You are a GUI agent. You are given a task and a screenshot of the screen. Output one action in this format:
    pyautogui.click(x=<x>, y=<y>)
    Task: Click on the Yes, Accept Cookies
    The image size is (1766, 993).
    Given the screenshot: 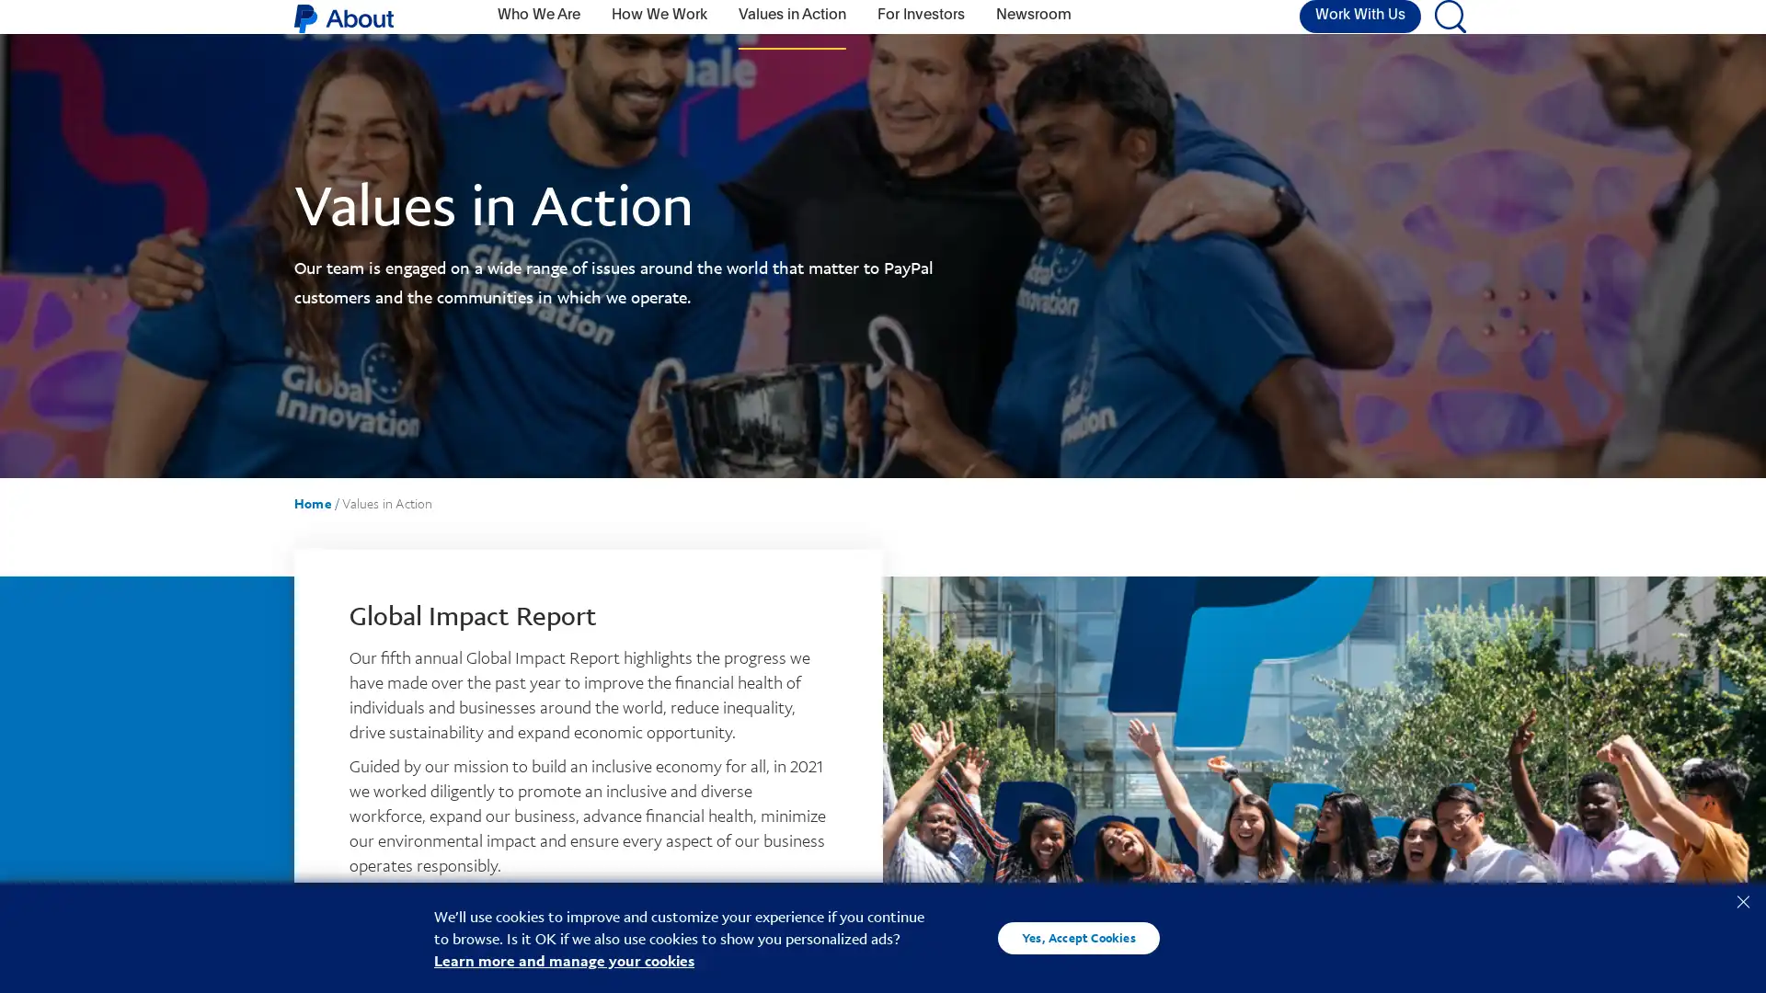 What is the action you would take?
    pyautogui.click(x=1078, y=937)
    